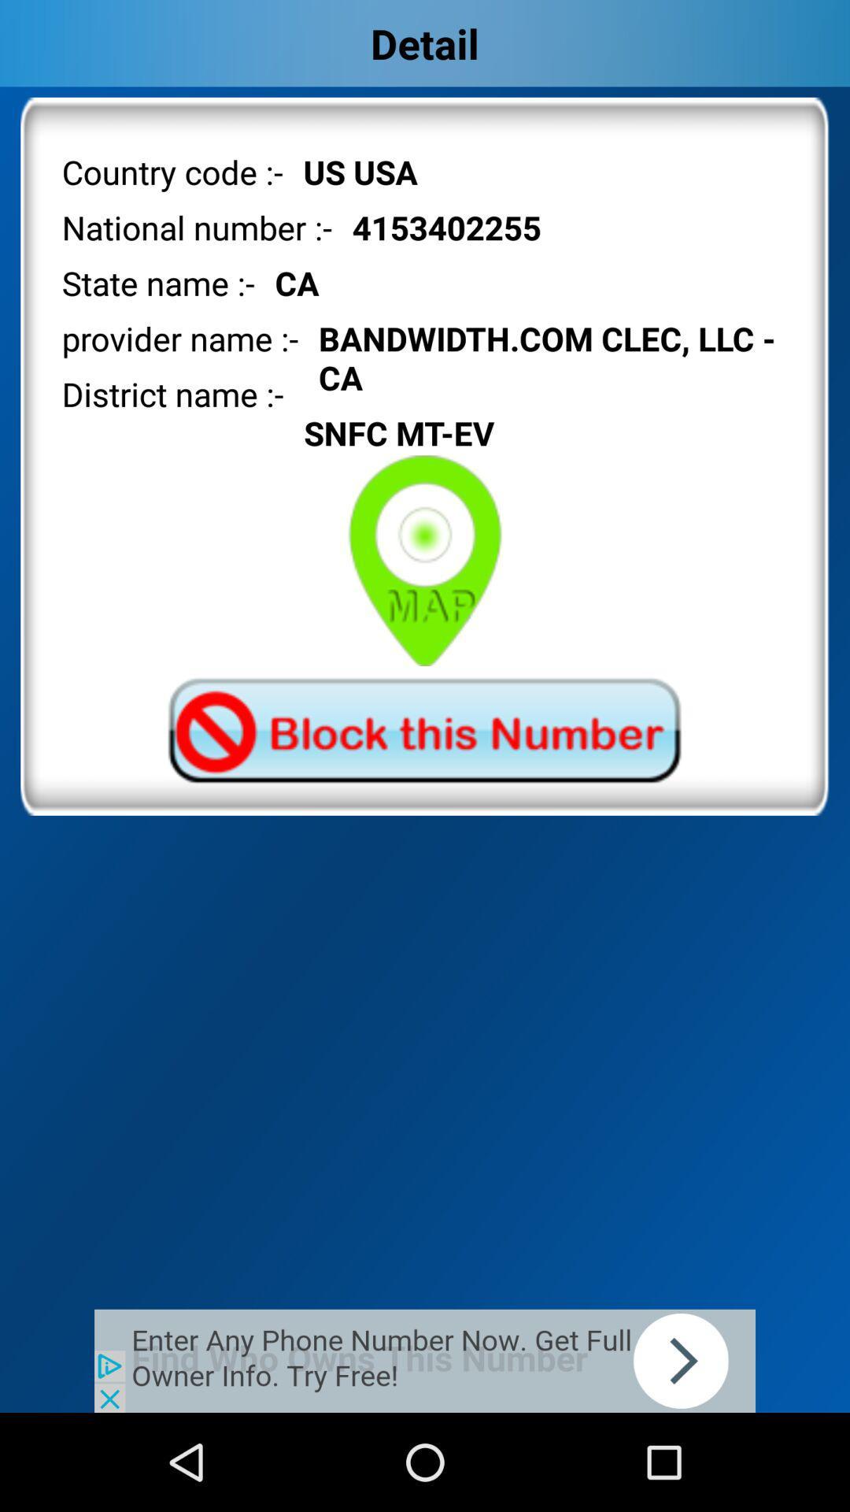  Describe the element at coordinates (423, 729) in the screenshot. I see `phone number` at that location.